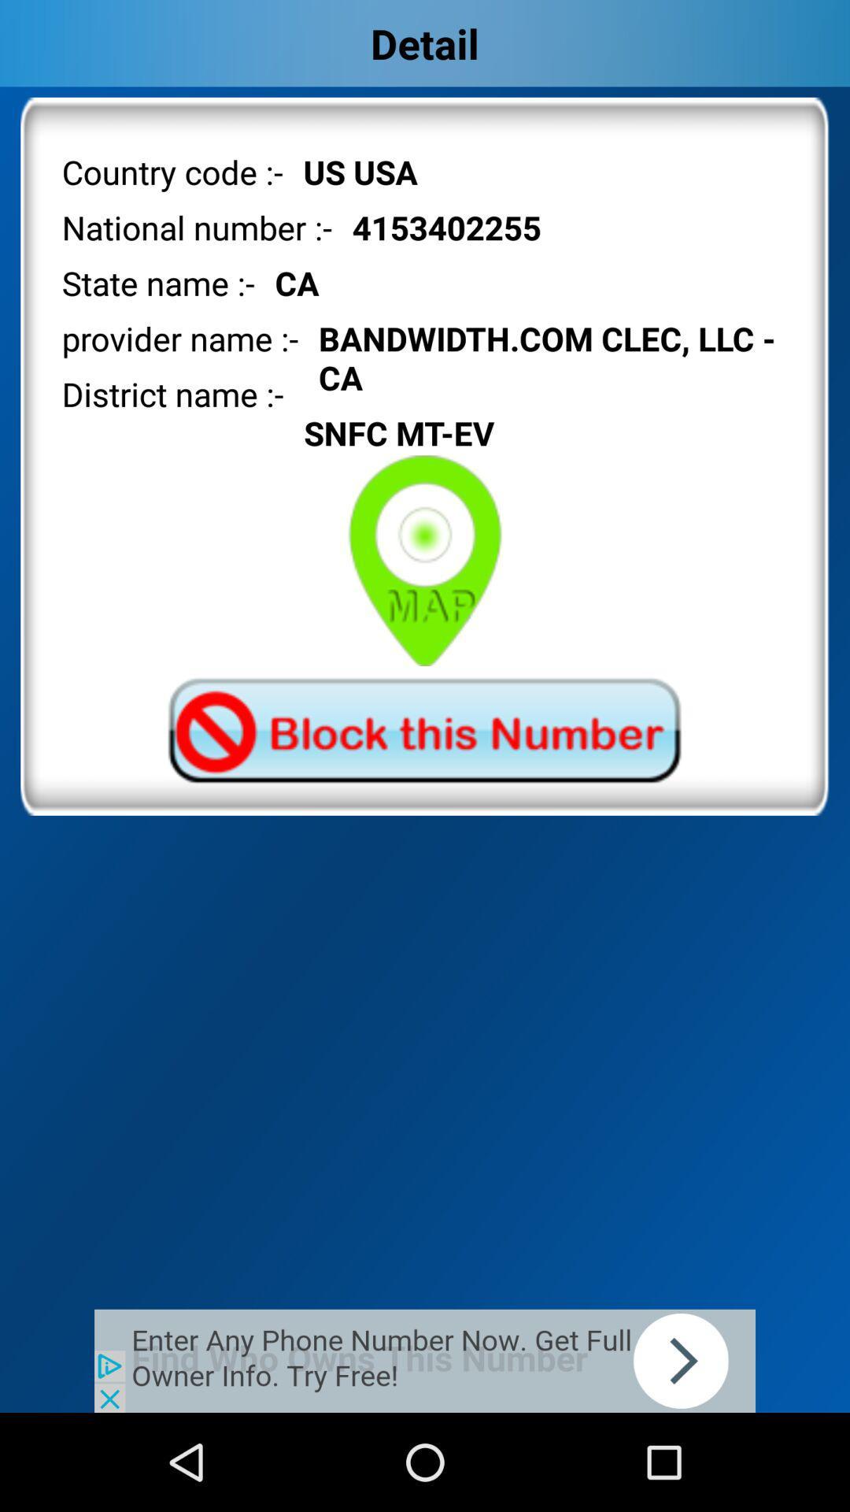  Describe the element at coordinates (423, 729) in the screenshot. I see `phone number` at that location.